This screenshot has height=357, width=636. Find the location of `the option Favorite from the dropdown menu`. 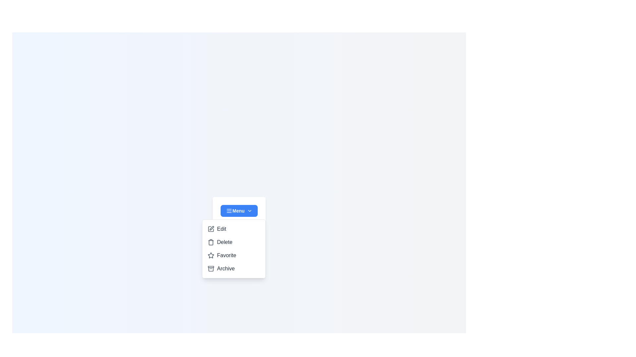

the option Favorite from the dropdown menu is located at coordinates (234, 255).